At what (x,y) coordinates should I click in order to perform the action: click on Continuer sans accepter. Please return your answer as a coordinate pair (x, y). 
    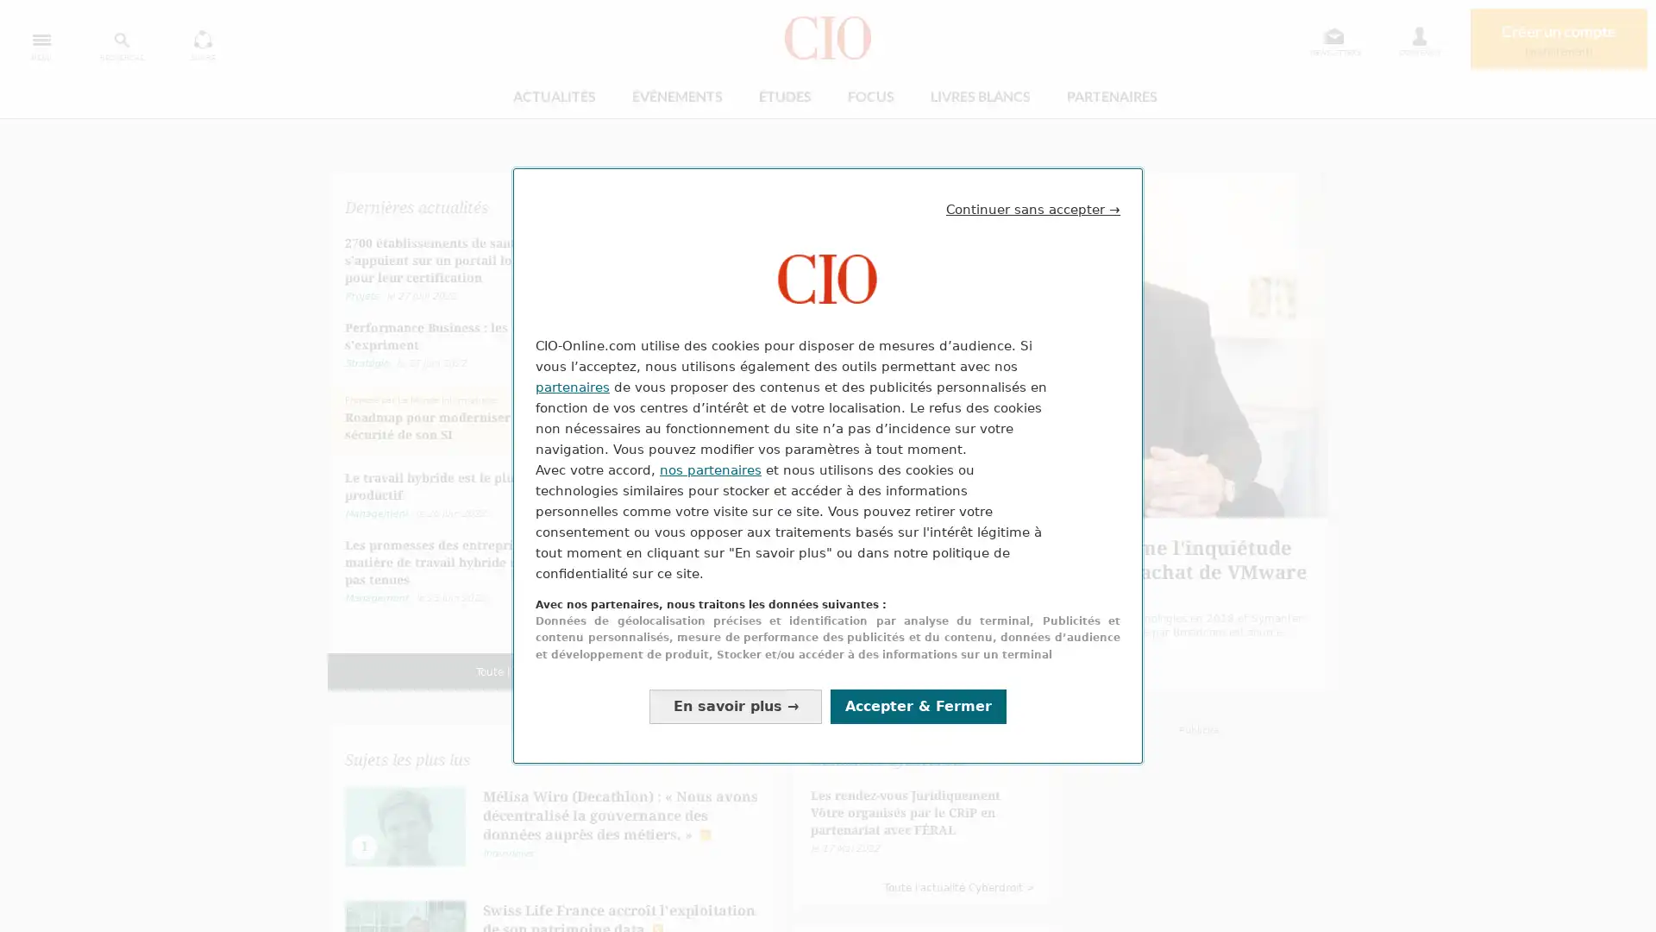
    Looking at the image, I should click on (1033, 208).